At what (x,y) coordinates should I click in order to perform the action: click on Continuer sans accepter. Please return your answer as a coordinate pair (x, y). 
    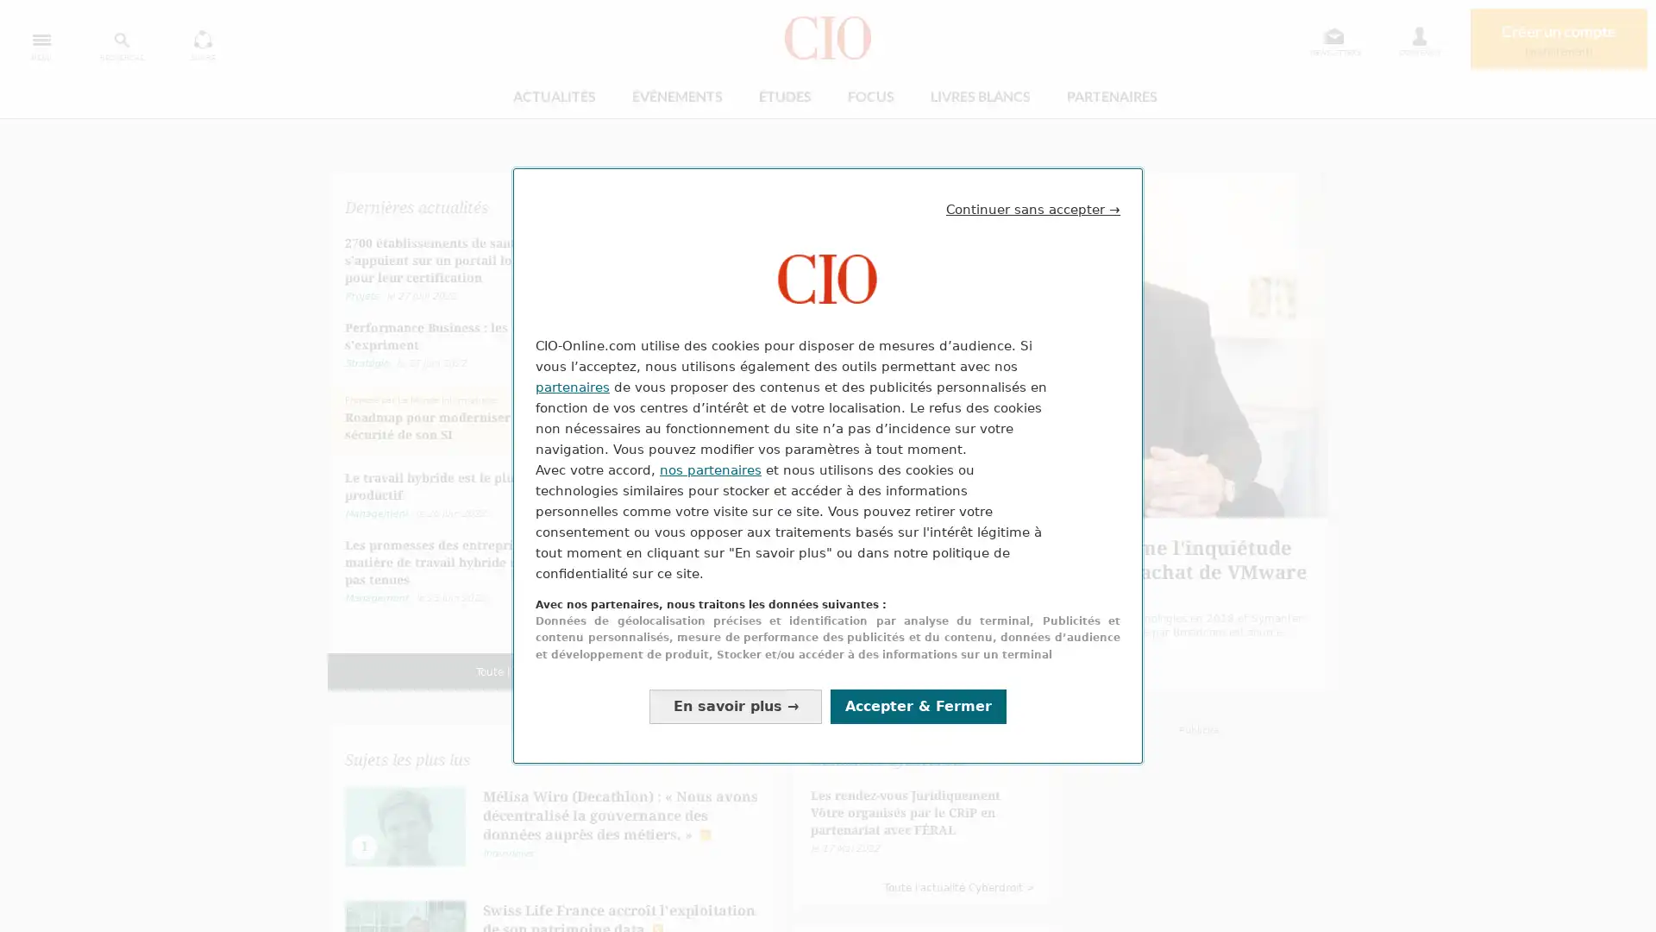
    Looking at the image, I should click on (1033, 208).